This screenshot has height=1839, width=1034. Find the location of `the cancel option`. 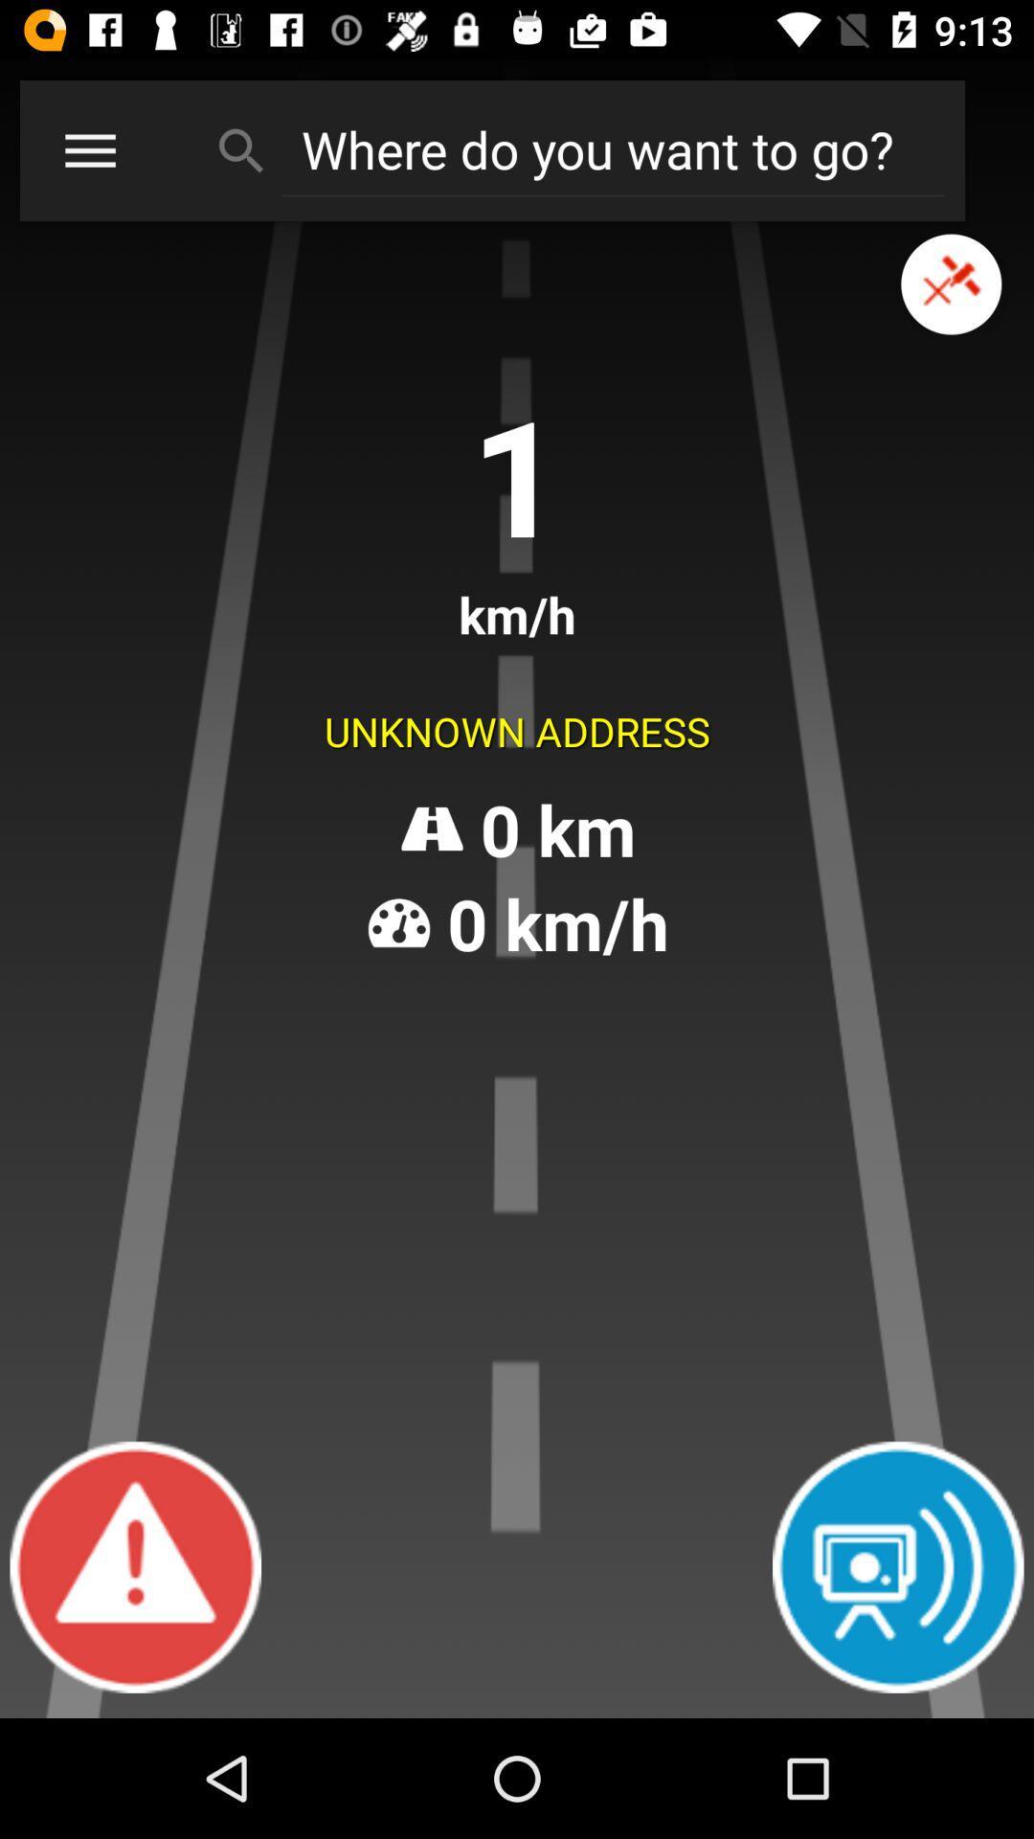

the cancel option is located at coordinates (951, 284).